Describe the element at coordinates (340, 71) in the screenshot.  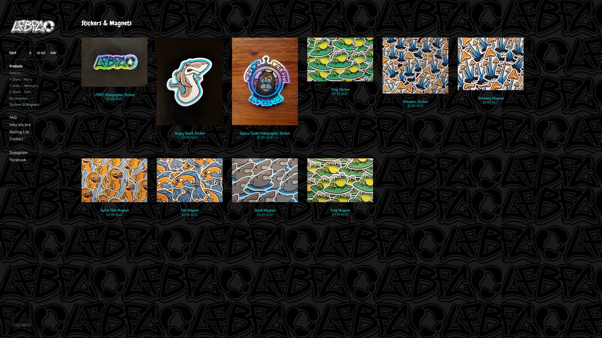
I see `'Frog Sticker` at that location.